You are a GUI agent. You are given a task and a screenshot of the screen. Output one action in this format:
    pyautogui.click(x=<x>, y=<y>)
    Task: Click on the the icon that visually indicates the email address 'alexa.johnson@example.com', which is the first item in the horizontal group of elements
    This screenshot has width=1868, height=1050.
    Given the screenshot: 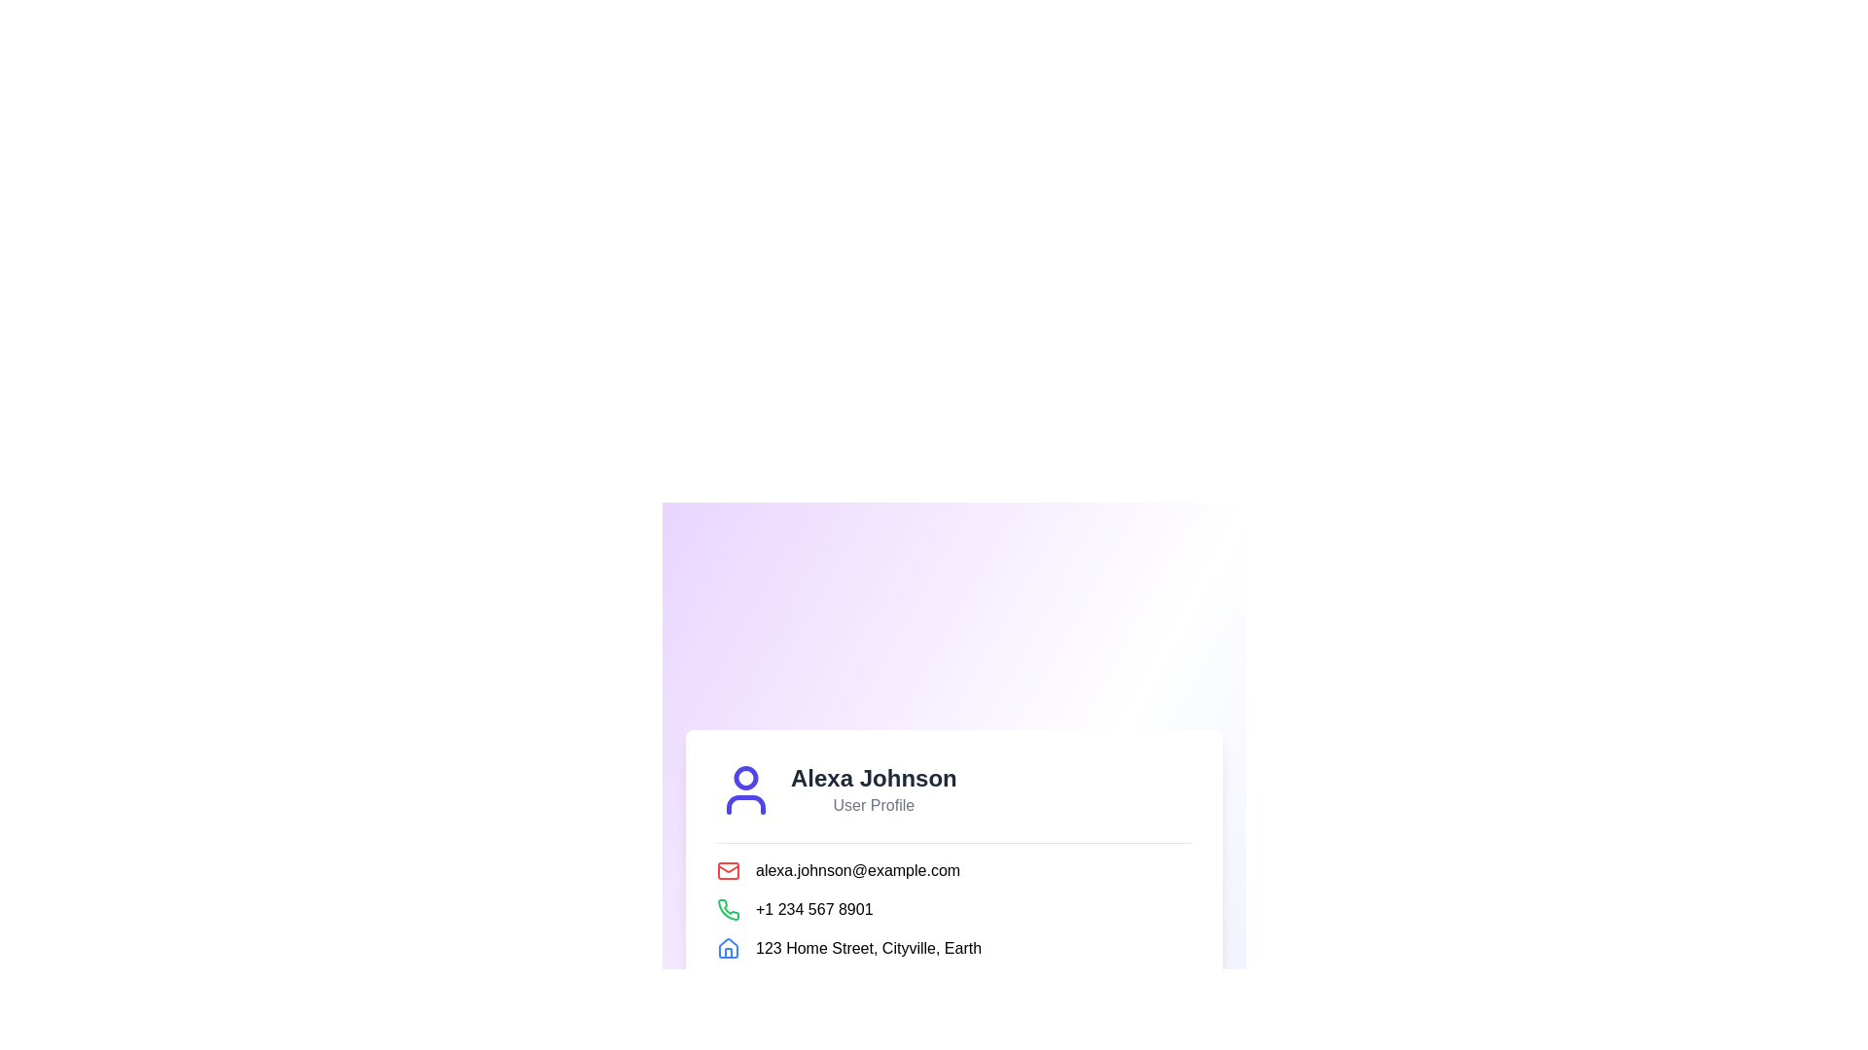 What is the action you would take?
    pyautogui.click(x=727, y=869)
    